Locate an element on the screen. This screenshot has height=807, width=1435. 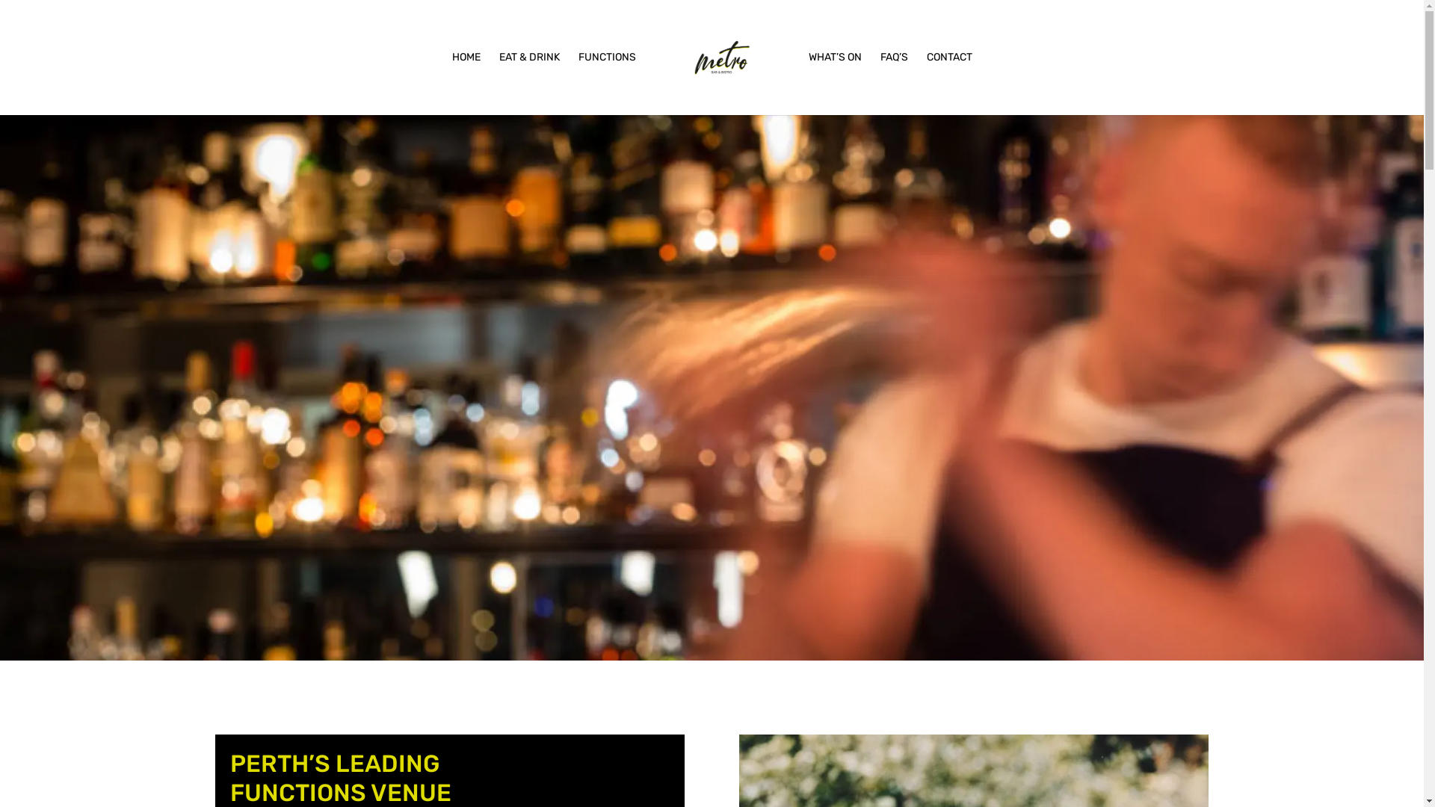
'HOME' is located at coordinates (465, 83).